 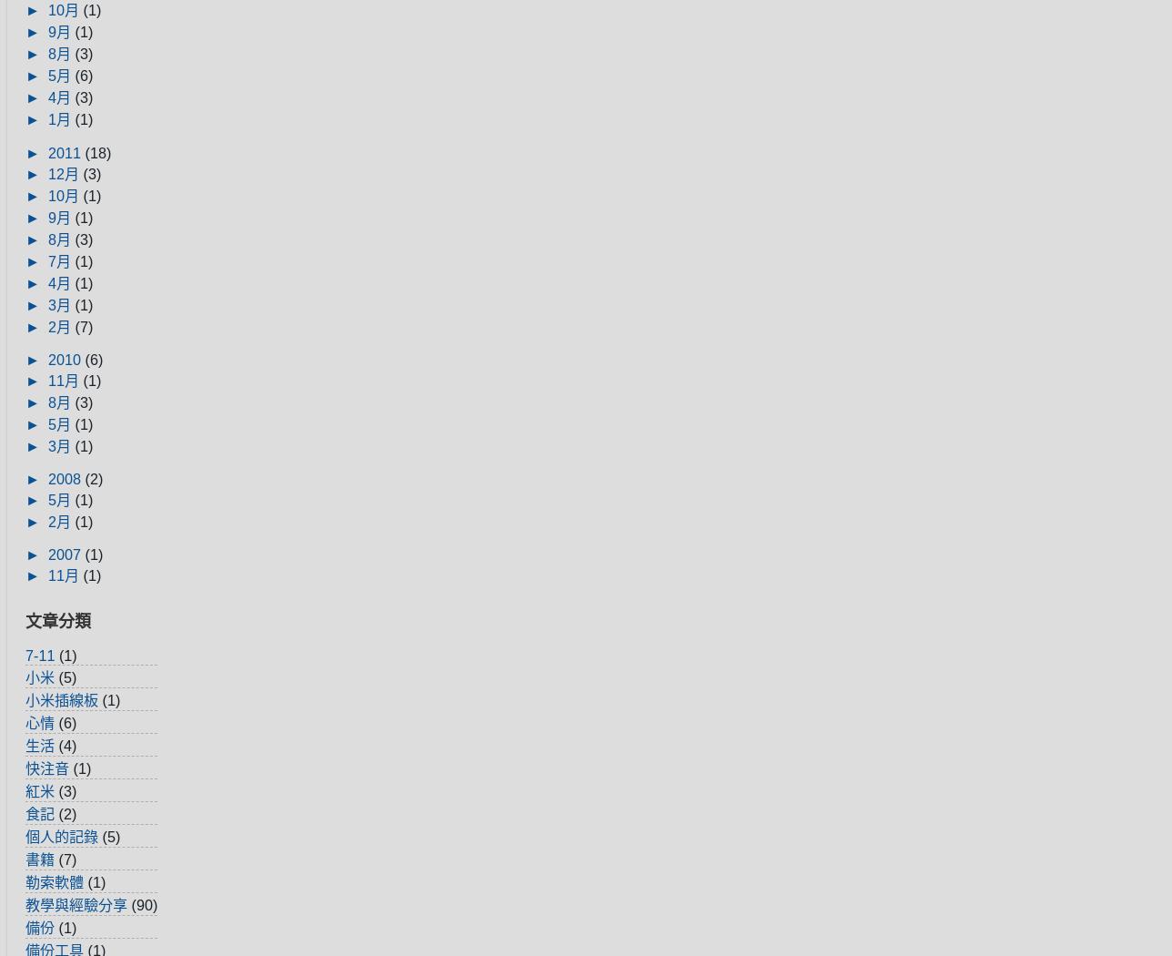 I want to click on '7-11', so click(x=25, y=654).